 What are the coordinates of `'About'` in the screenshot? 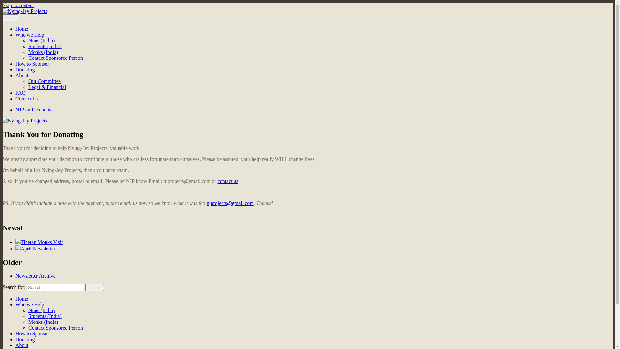 It's located at (22, 345).